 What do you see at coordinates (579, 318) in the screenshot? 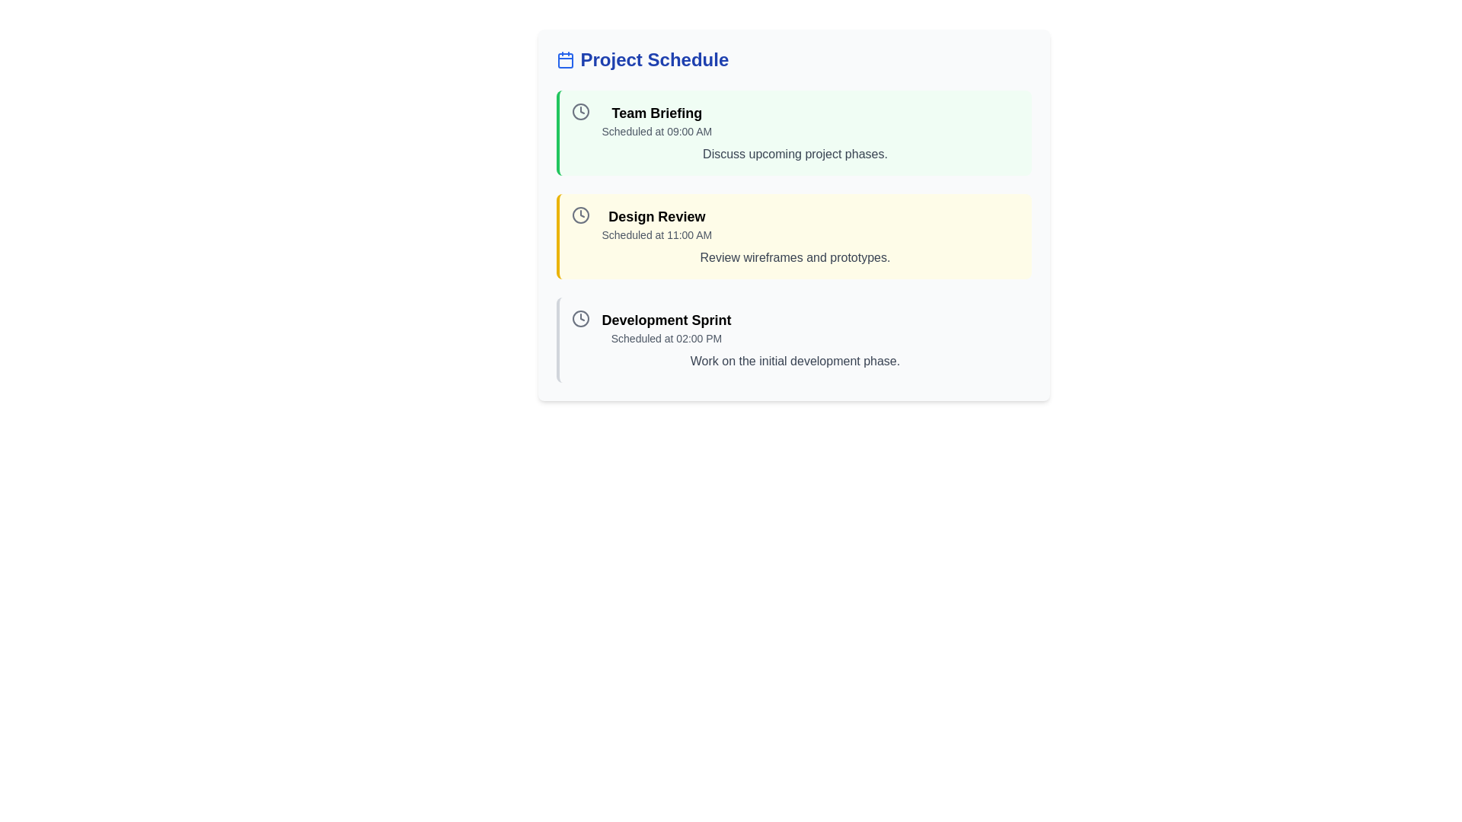
I see `the outer circular rim of the clock icon located next to the text 'Development Sprint' for inspection` at bounding box center [579, 318].